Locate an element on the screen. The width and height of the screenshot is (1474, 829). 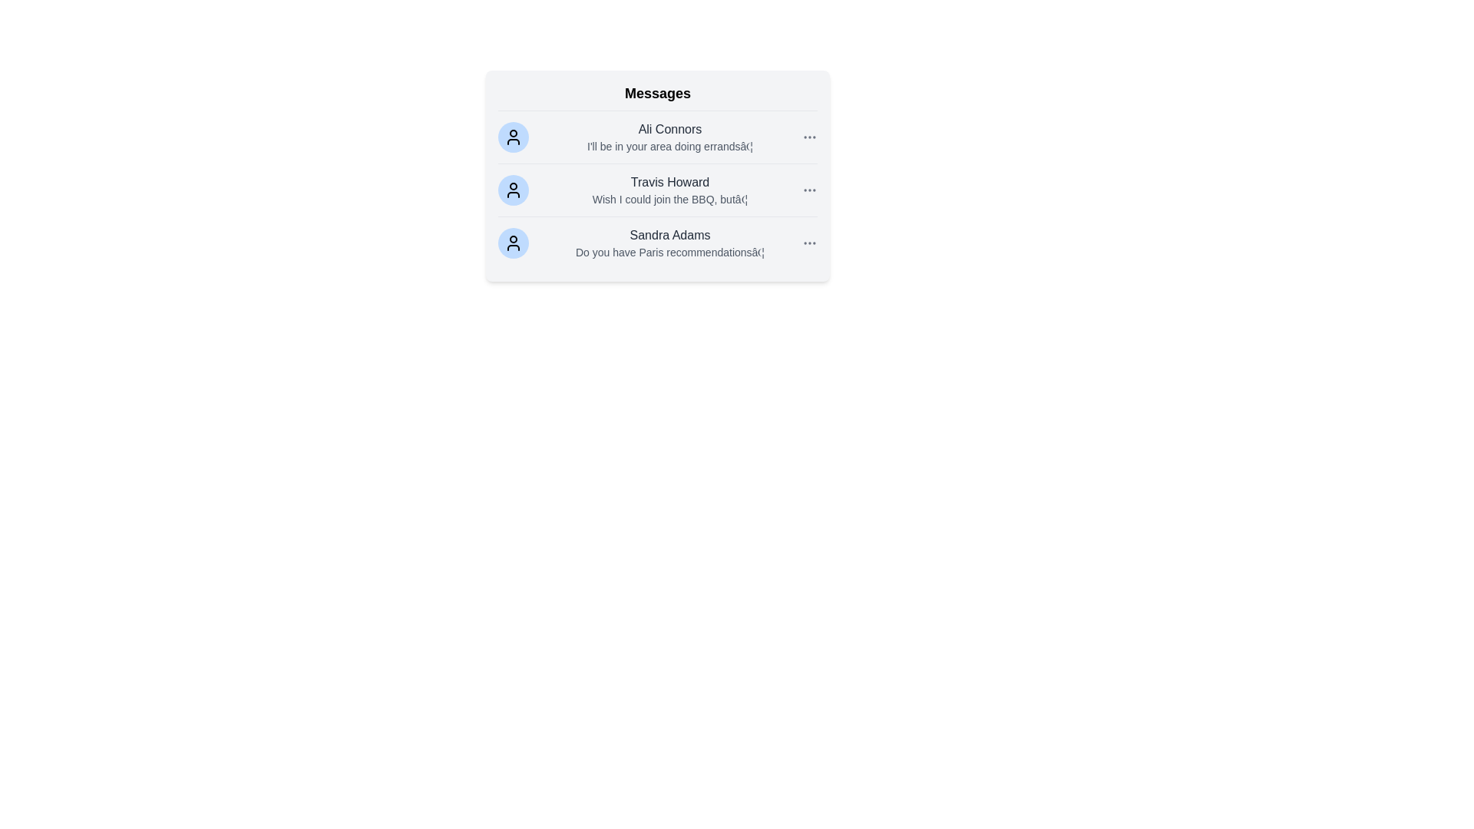
the Message Preview containing the text from 'Travis Howard' is located at coordinates (670, 189).